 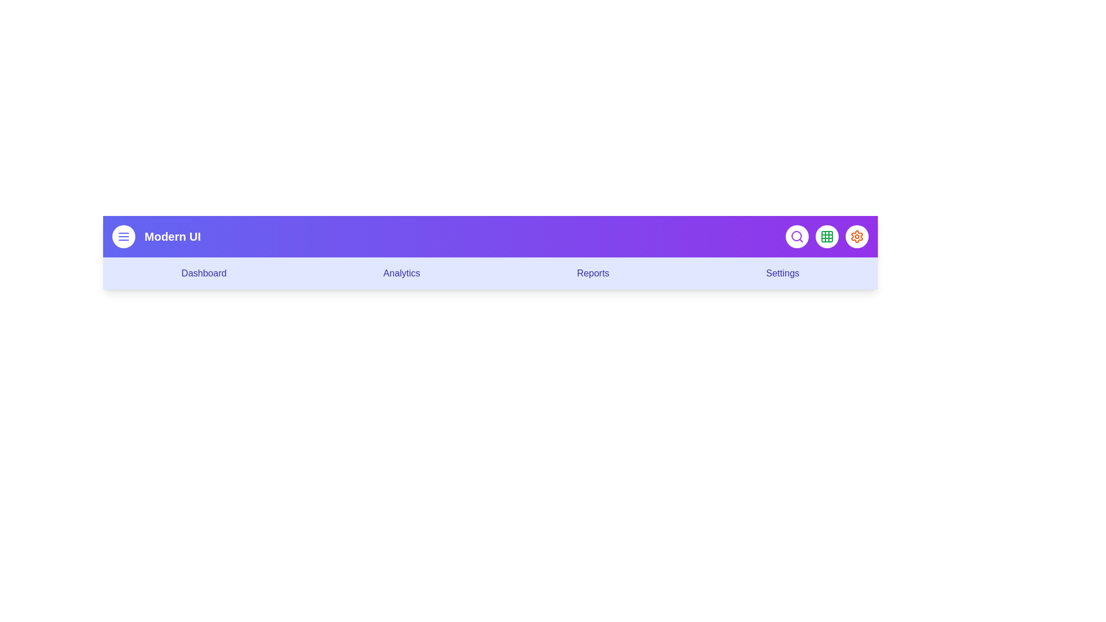 What do you see at coordinates (796, 236) in the screenshot?
I see `the search button to initiate a search` at bounding box center [796, 236].